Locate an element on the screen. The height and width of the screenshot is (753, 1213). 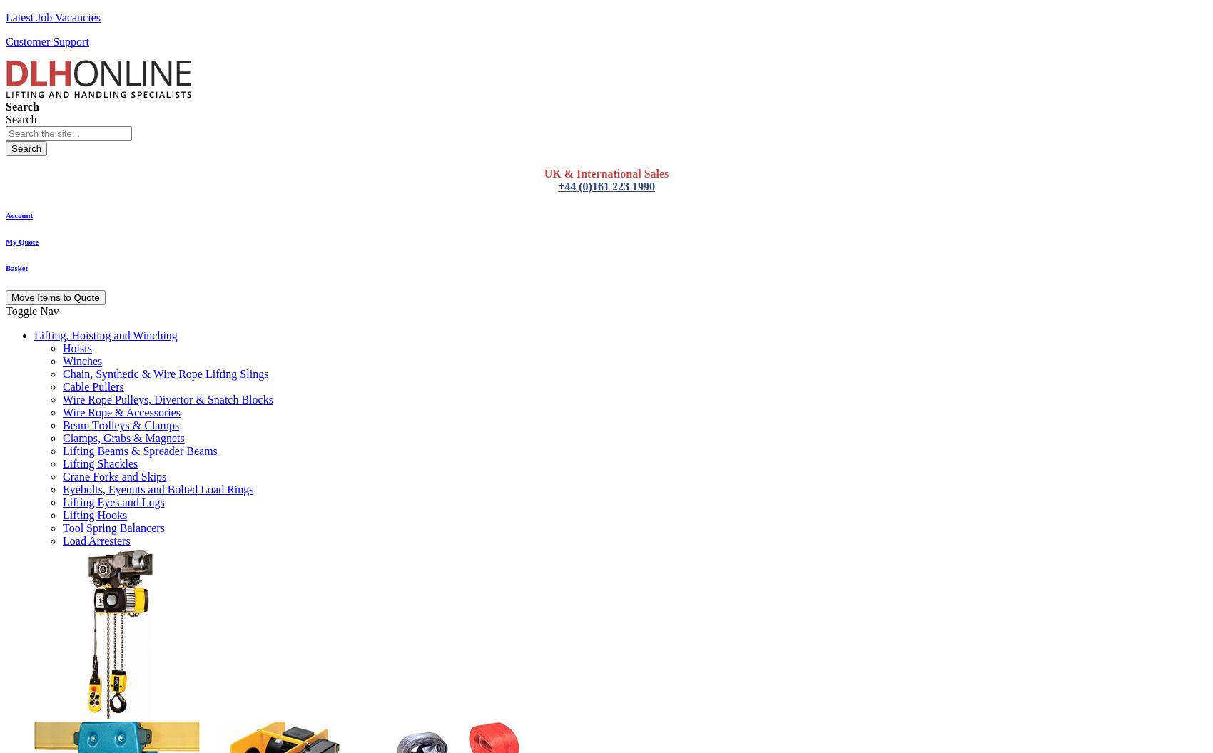
'Lifting Shackles' is located at coordinates (99, 462).